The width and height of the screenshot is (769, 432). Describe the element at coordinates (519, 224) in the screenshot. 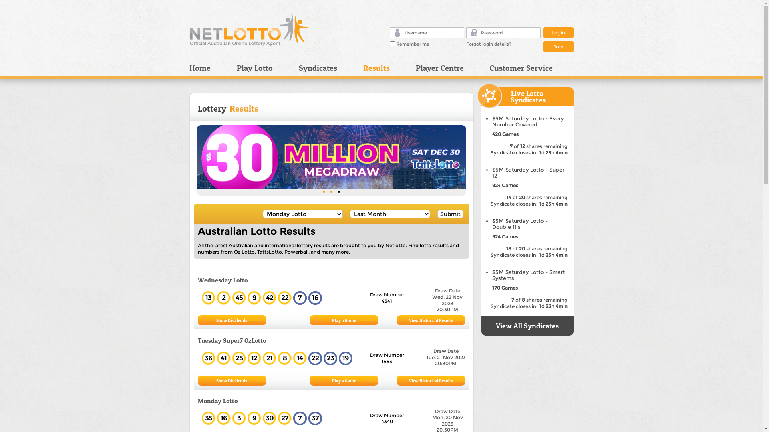

I see `'$5M Saturday Lotto - Double 11's'` at that location.